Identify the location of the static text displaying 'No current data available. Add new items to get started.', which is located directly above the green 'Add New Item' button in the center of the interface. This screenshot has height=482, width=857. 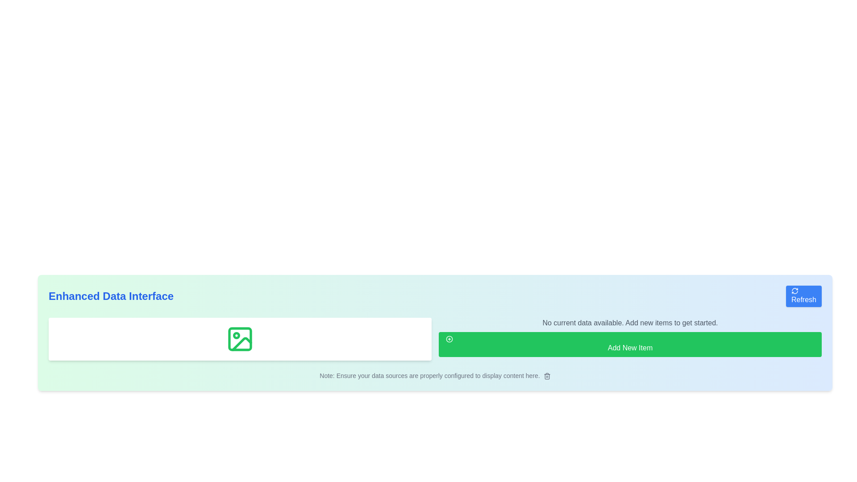
(629, 323).